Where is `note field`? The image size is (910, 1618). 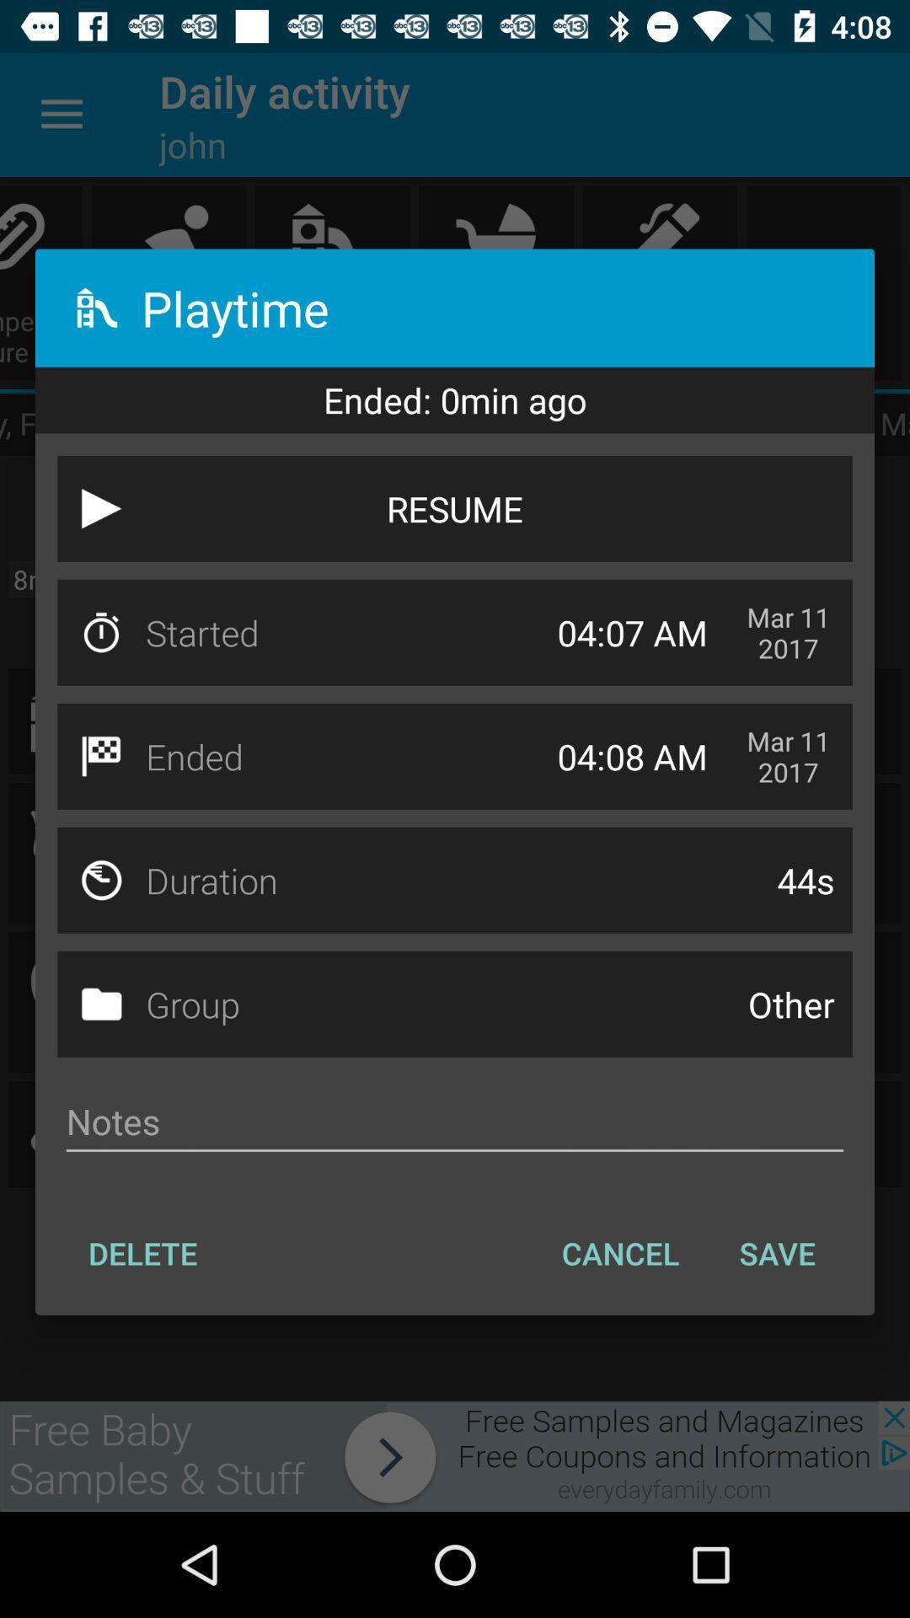
note field is located at coordinates (455, 1122).